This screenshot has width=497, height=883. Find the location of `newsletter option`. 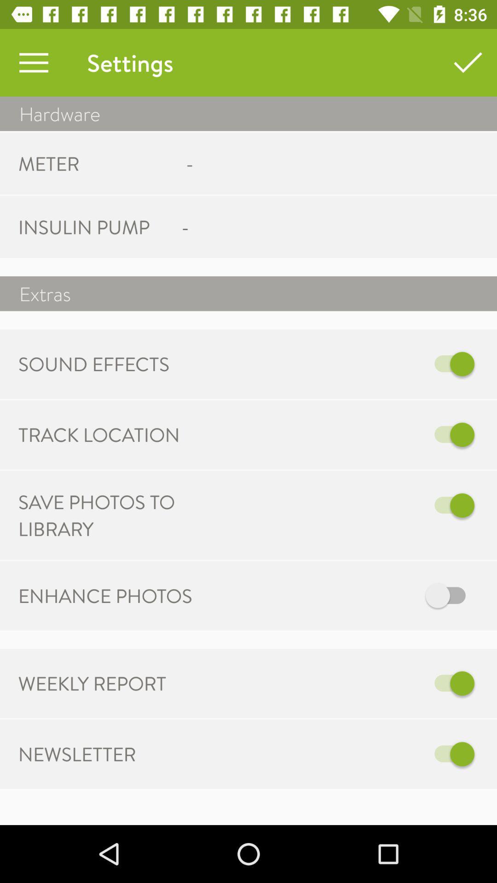

newsletter option is located at coordinates (344, 754).